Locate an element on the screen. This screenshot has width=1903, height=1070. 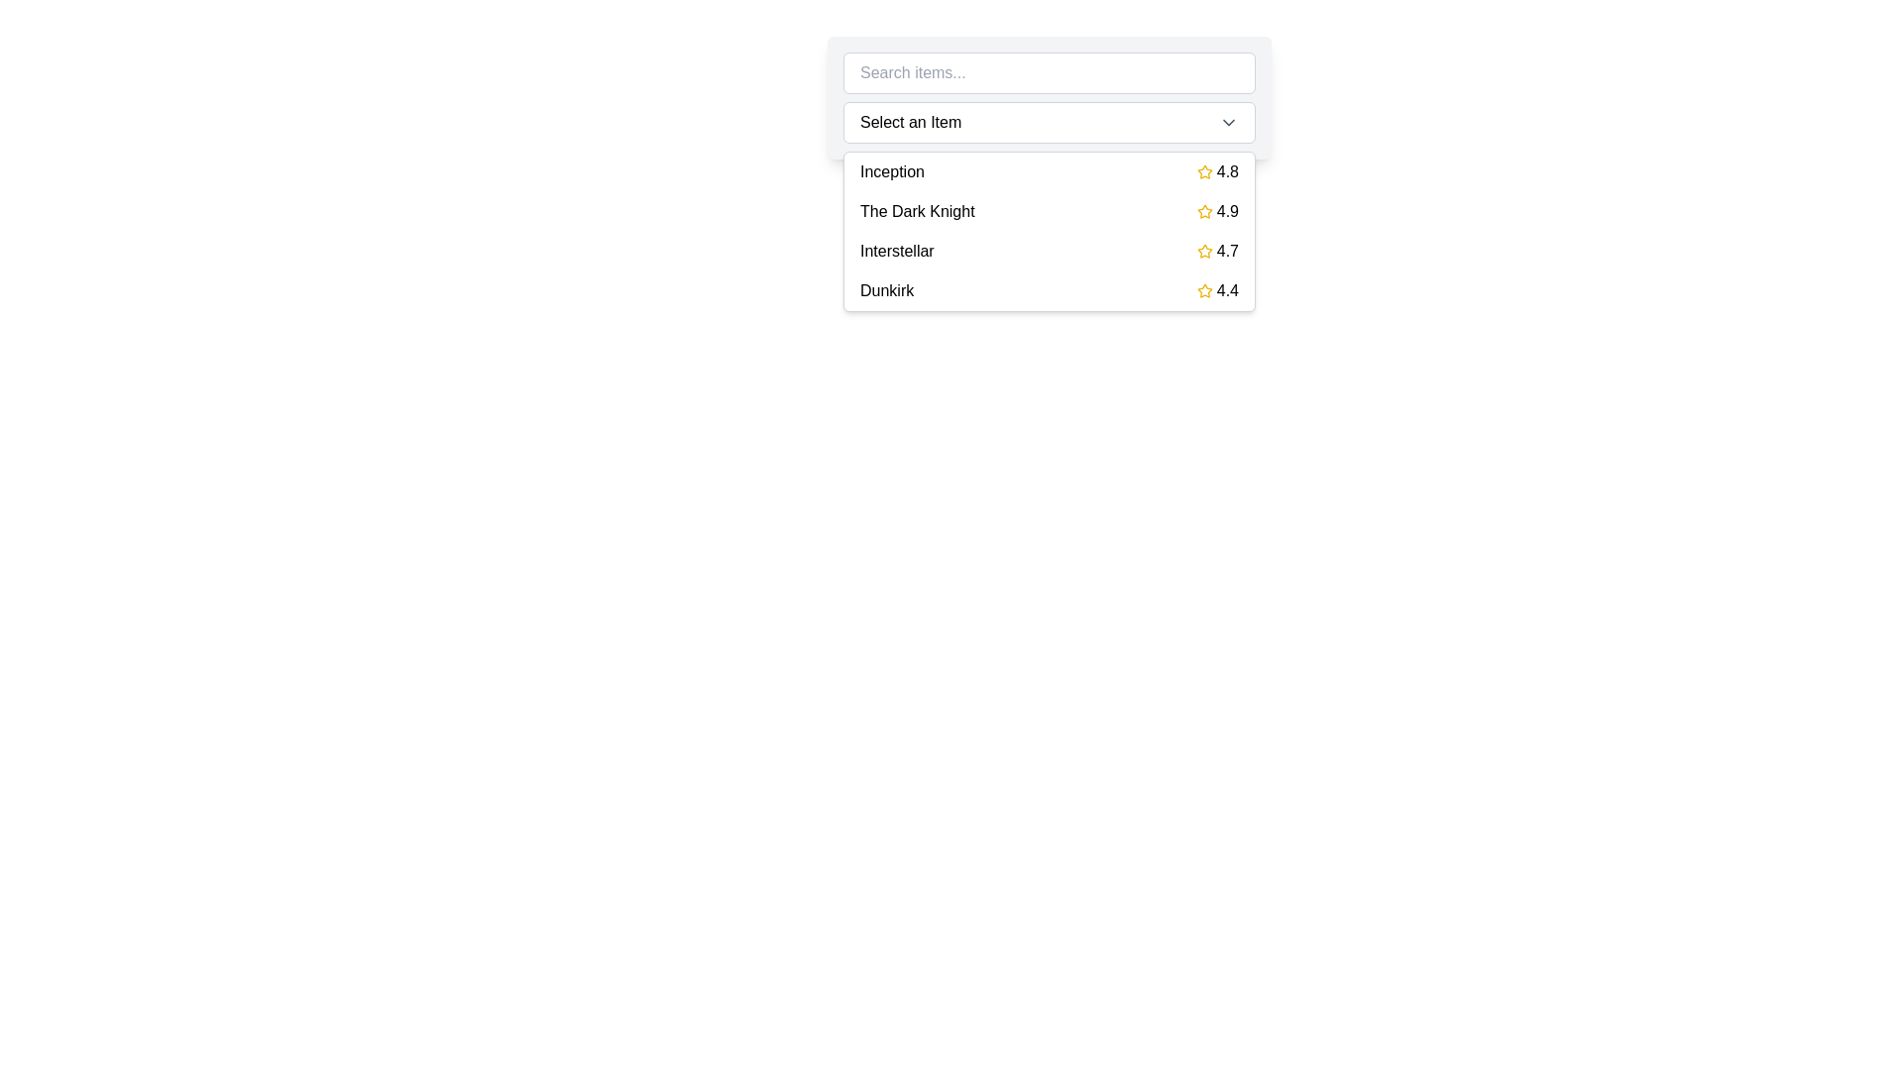
the Rating display showing a yellow star icon and the numerical rating '4.7' next to the 'Interstellar' item in the dropdown list under the 'Select an Item' input field is located at coordinates (1216, 251).